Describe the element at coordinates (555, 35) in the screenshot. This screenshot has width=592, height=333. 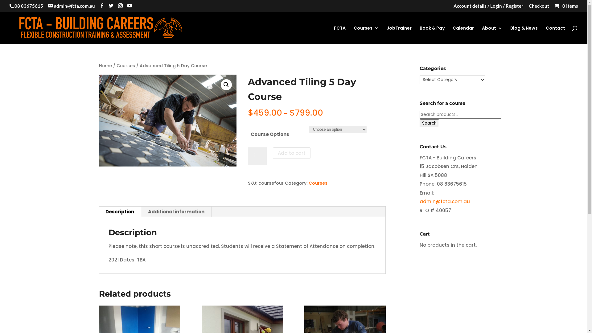
I see `'Contact'` at that location.